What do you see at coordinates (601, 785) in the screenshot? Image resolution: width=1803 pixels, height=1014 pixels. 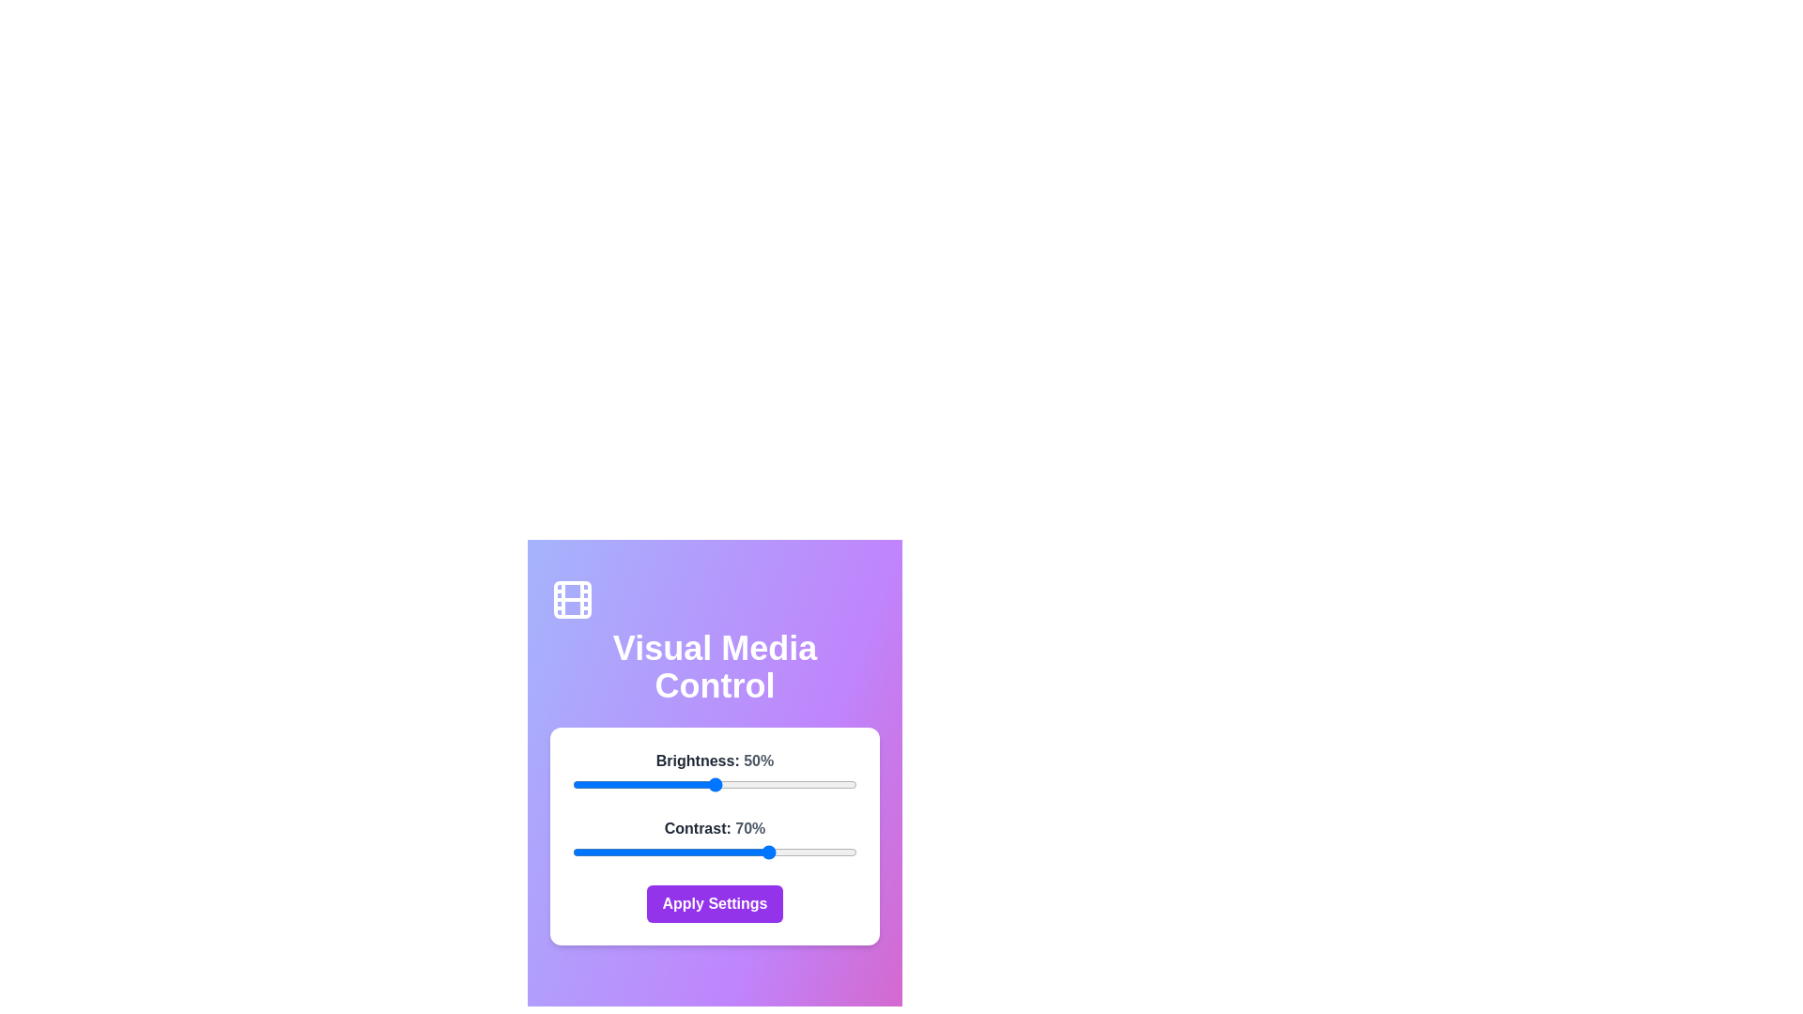 I see `the brightness slider to 10%` at bounding box center [601, 785].